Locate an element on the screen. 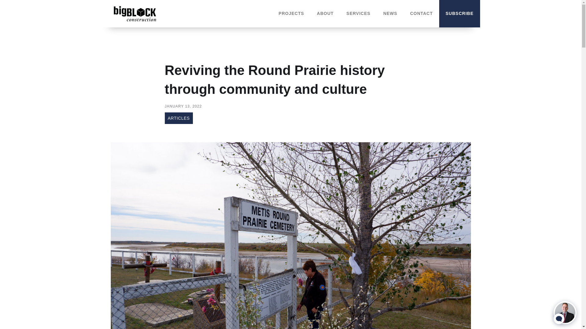 The width and height of the screenshot is (586, 329). 'ARTICLES' is located at coordinates (178, 118).